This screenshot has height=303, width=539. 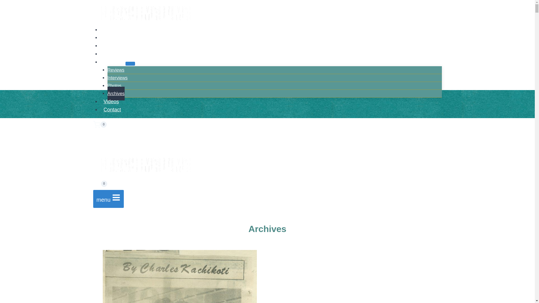 I want to click on 'Reviews', so click(x=115, y=70).